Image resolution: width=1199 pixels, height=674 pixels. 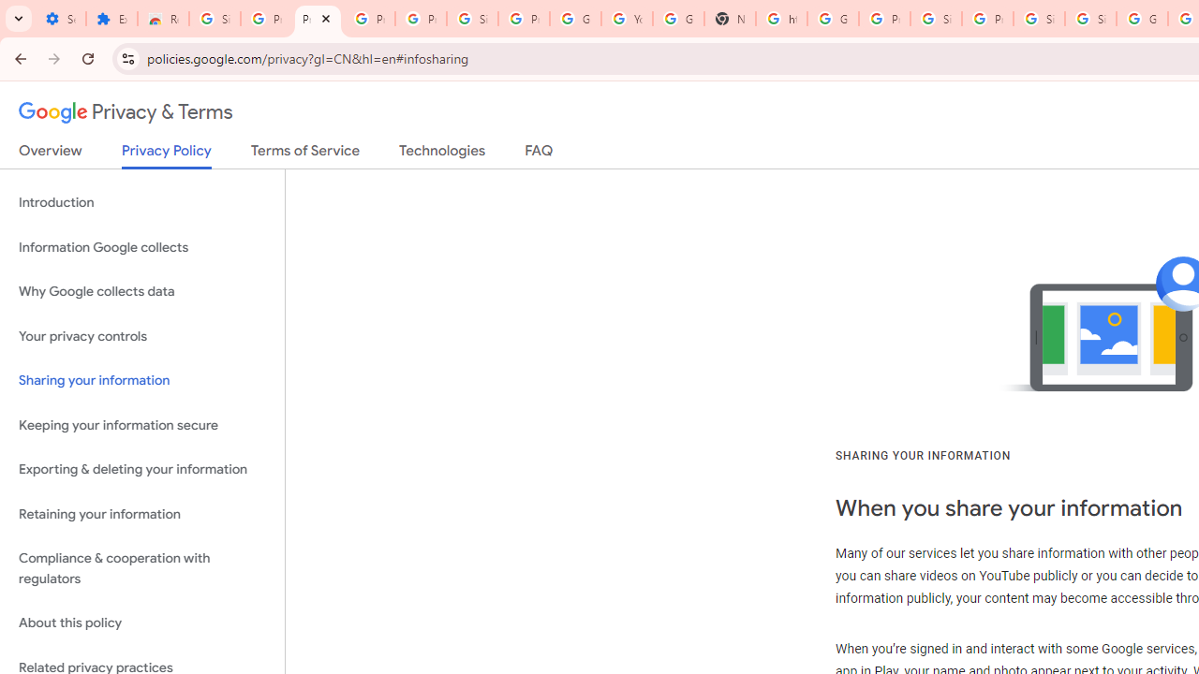 I want to click on 'Sign in - Google Accounts', so click(x=1090, y=19).